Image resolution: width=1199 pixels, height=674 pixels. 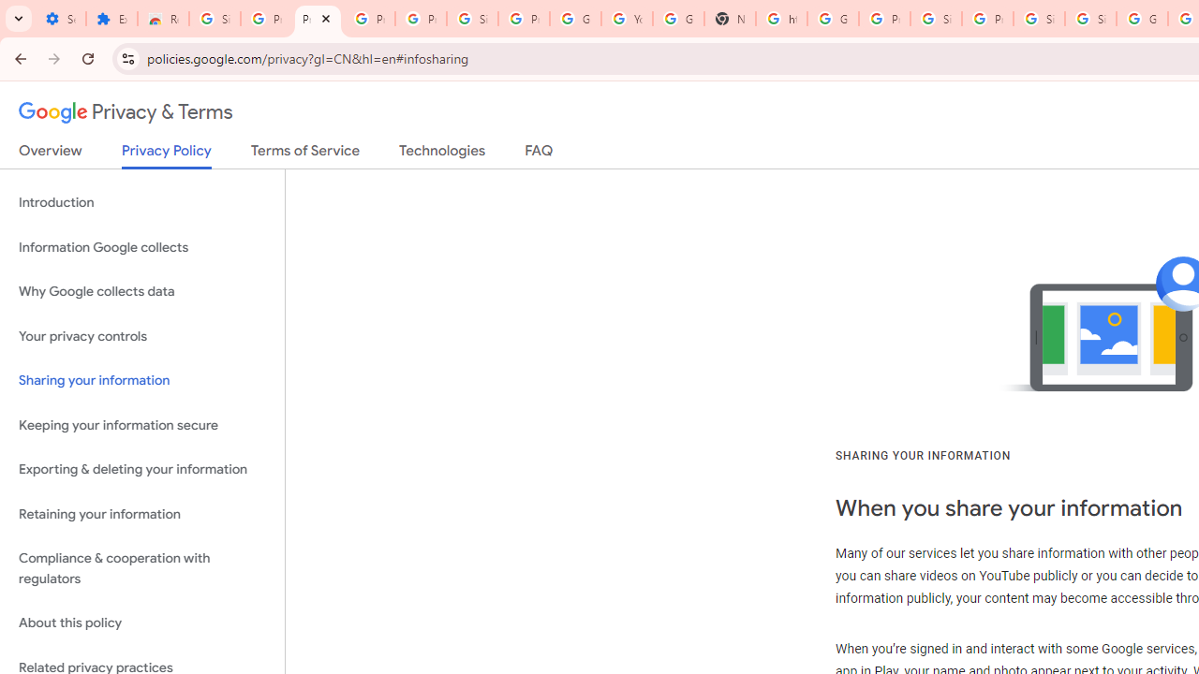 I want to click on 'Sign in - Google Accounts', so click(x=1090, y=19).